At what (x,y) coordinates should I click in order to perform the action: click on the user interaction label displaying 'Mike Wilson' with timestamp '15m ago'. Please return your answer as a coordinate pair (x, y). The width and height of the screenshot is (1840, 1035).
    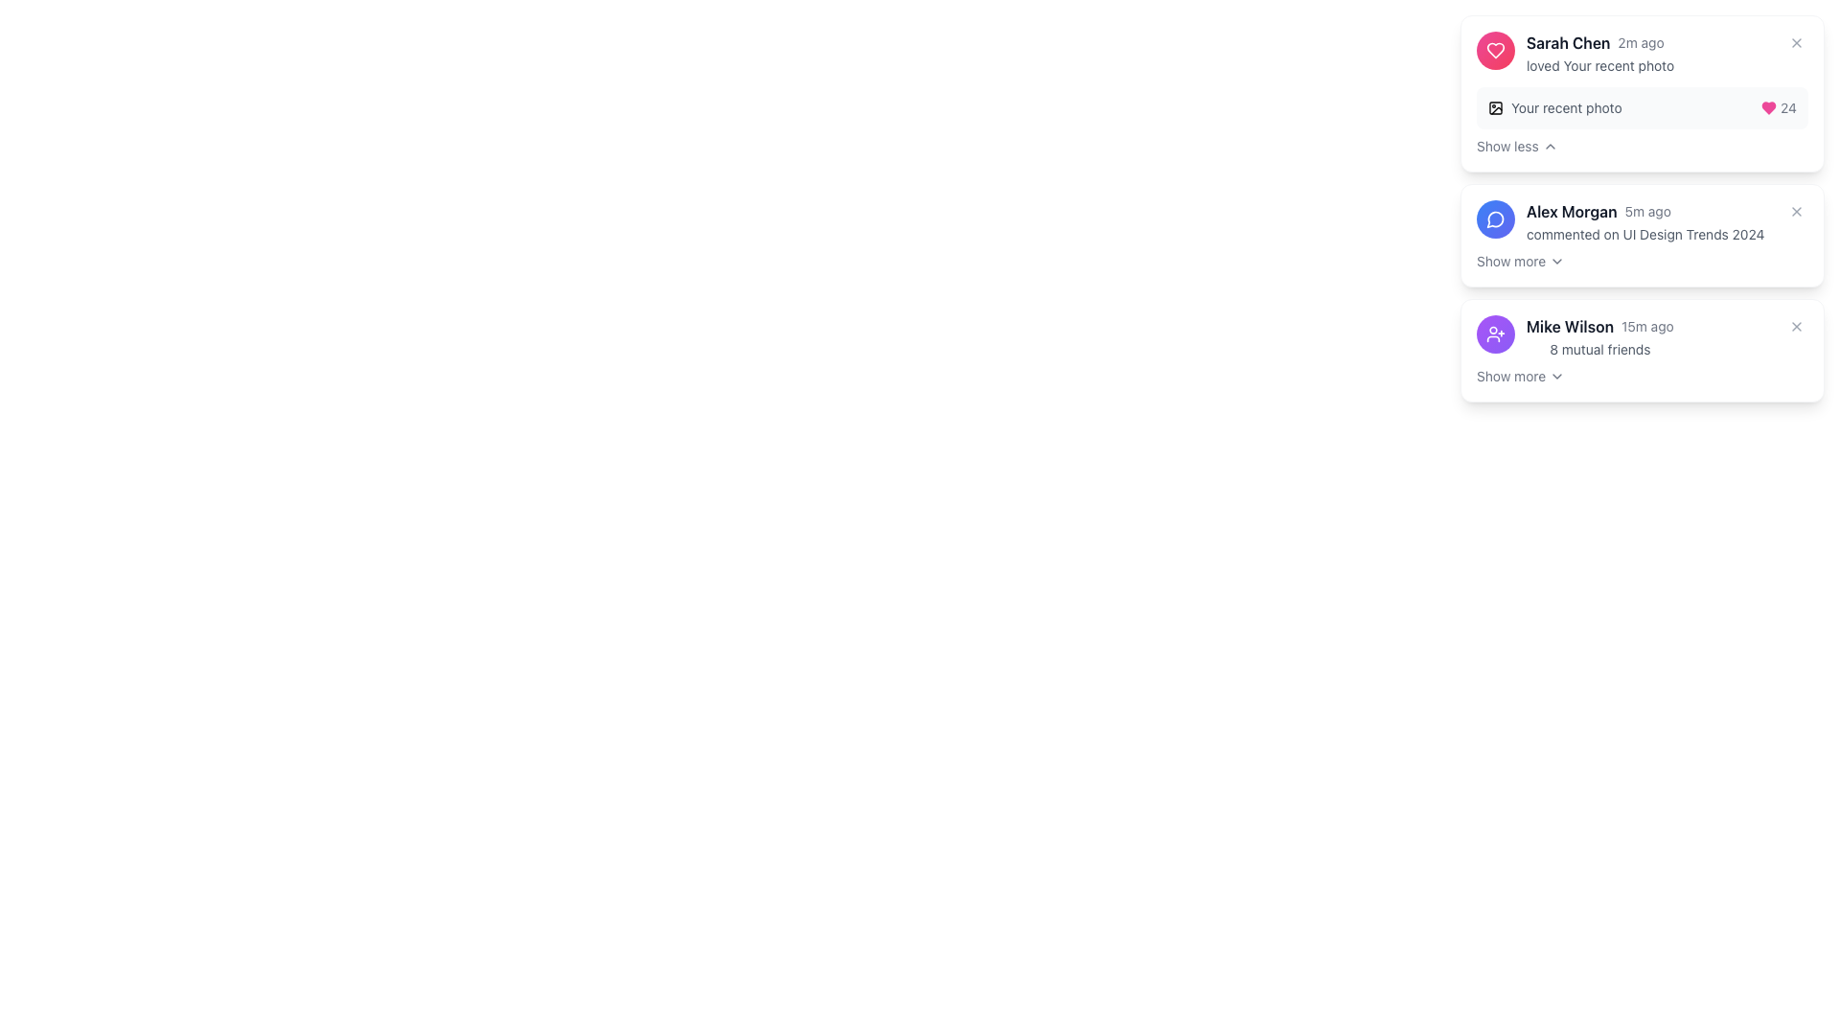
    Looking at the image, I should click on (1599, 325).